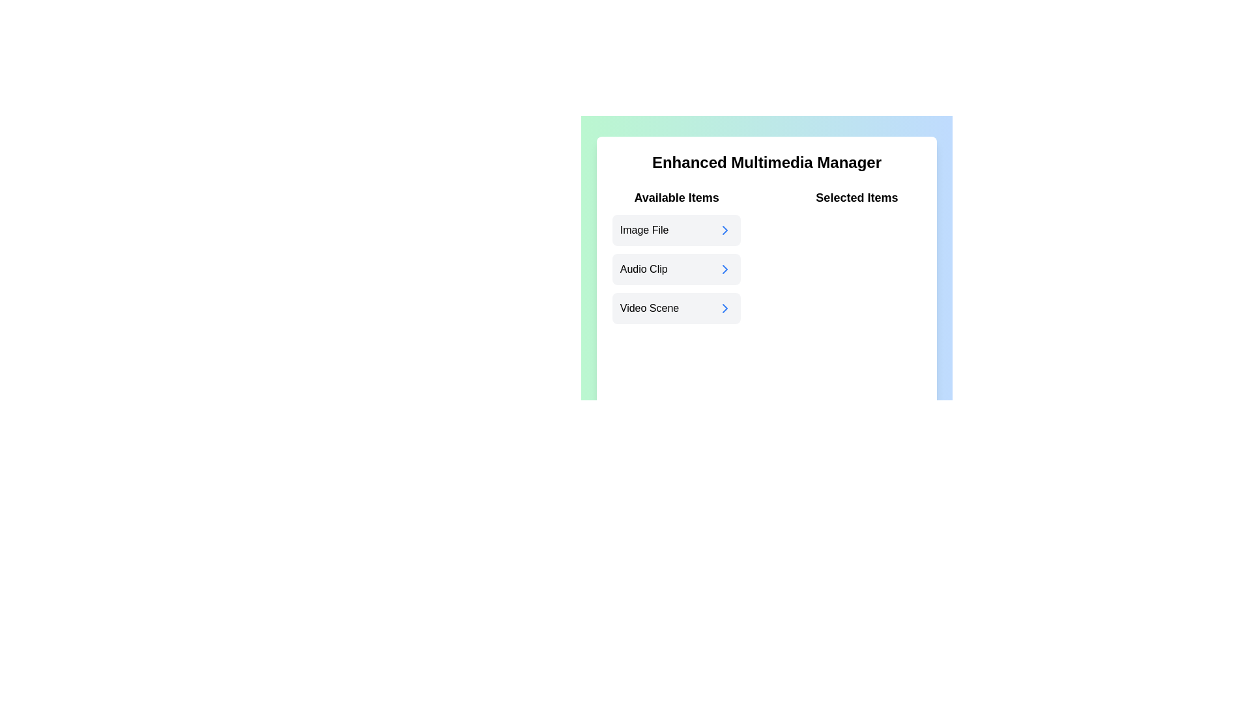  What do you see at coordinates (676, 230) in the screenshot?
I see `the 'Image File' selectable card item, which is the first in the vertical list under the 'Available Items' section` at bounding box center [676, 230].